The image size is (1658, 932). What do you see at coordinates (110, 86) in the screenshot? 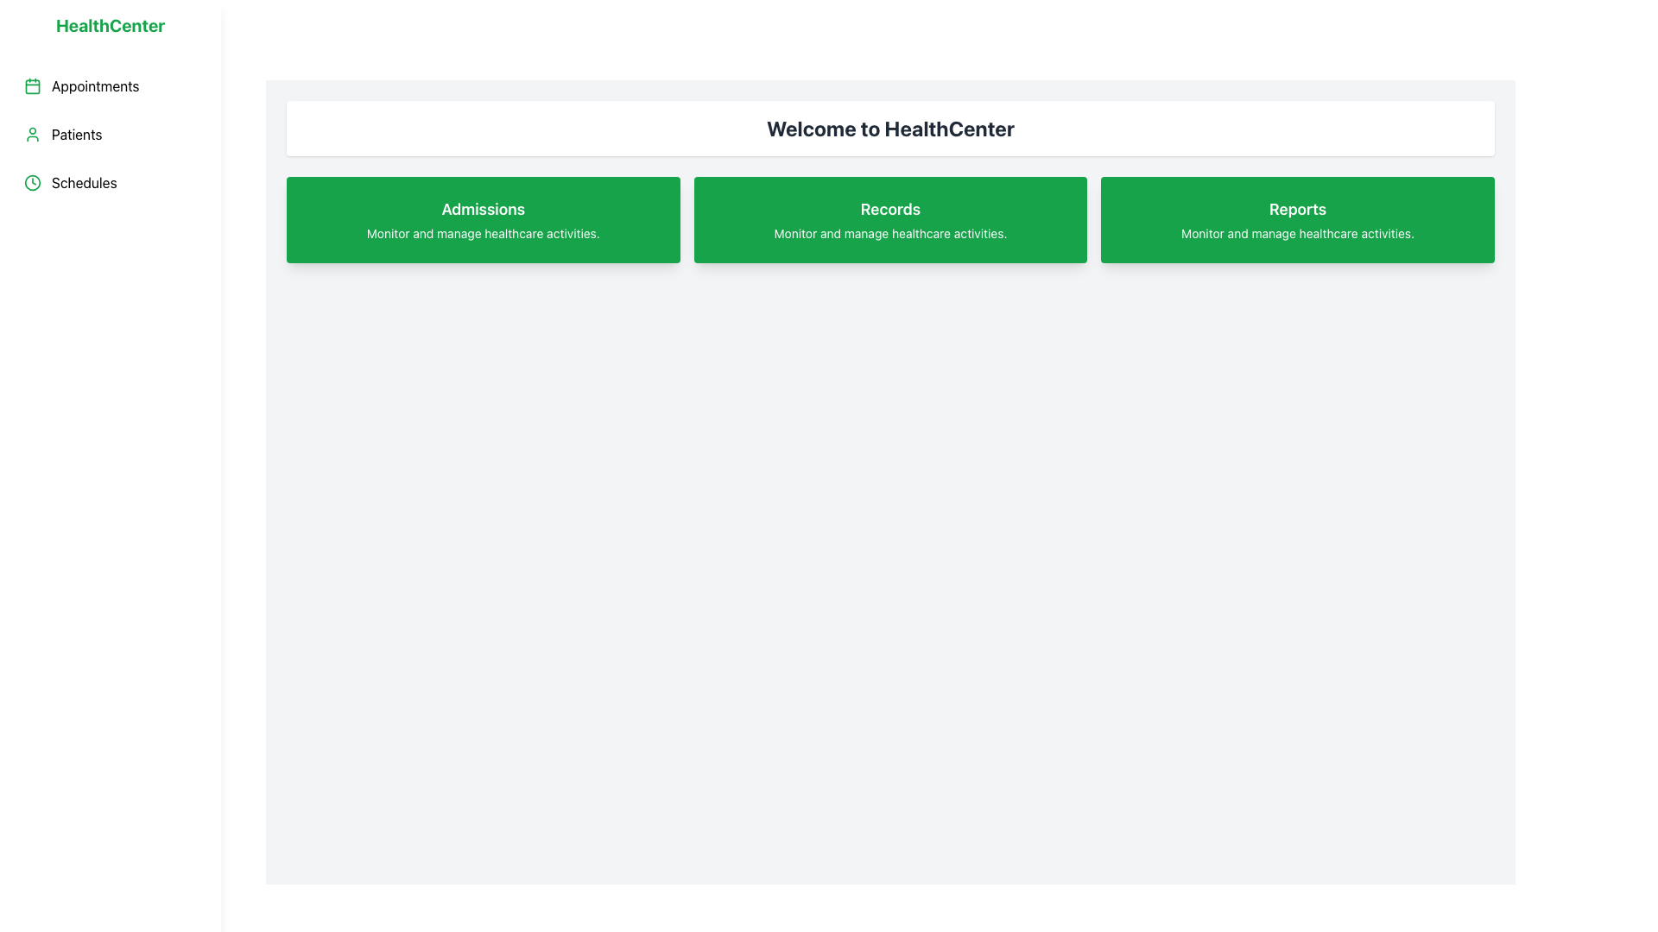
I see `the navigational menu button for appointment management located in the left sidebar, which is the first item above 'Patients' and 'Schedules'` at bounding box center [110, 86].